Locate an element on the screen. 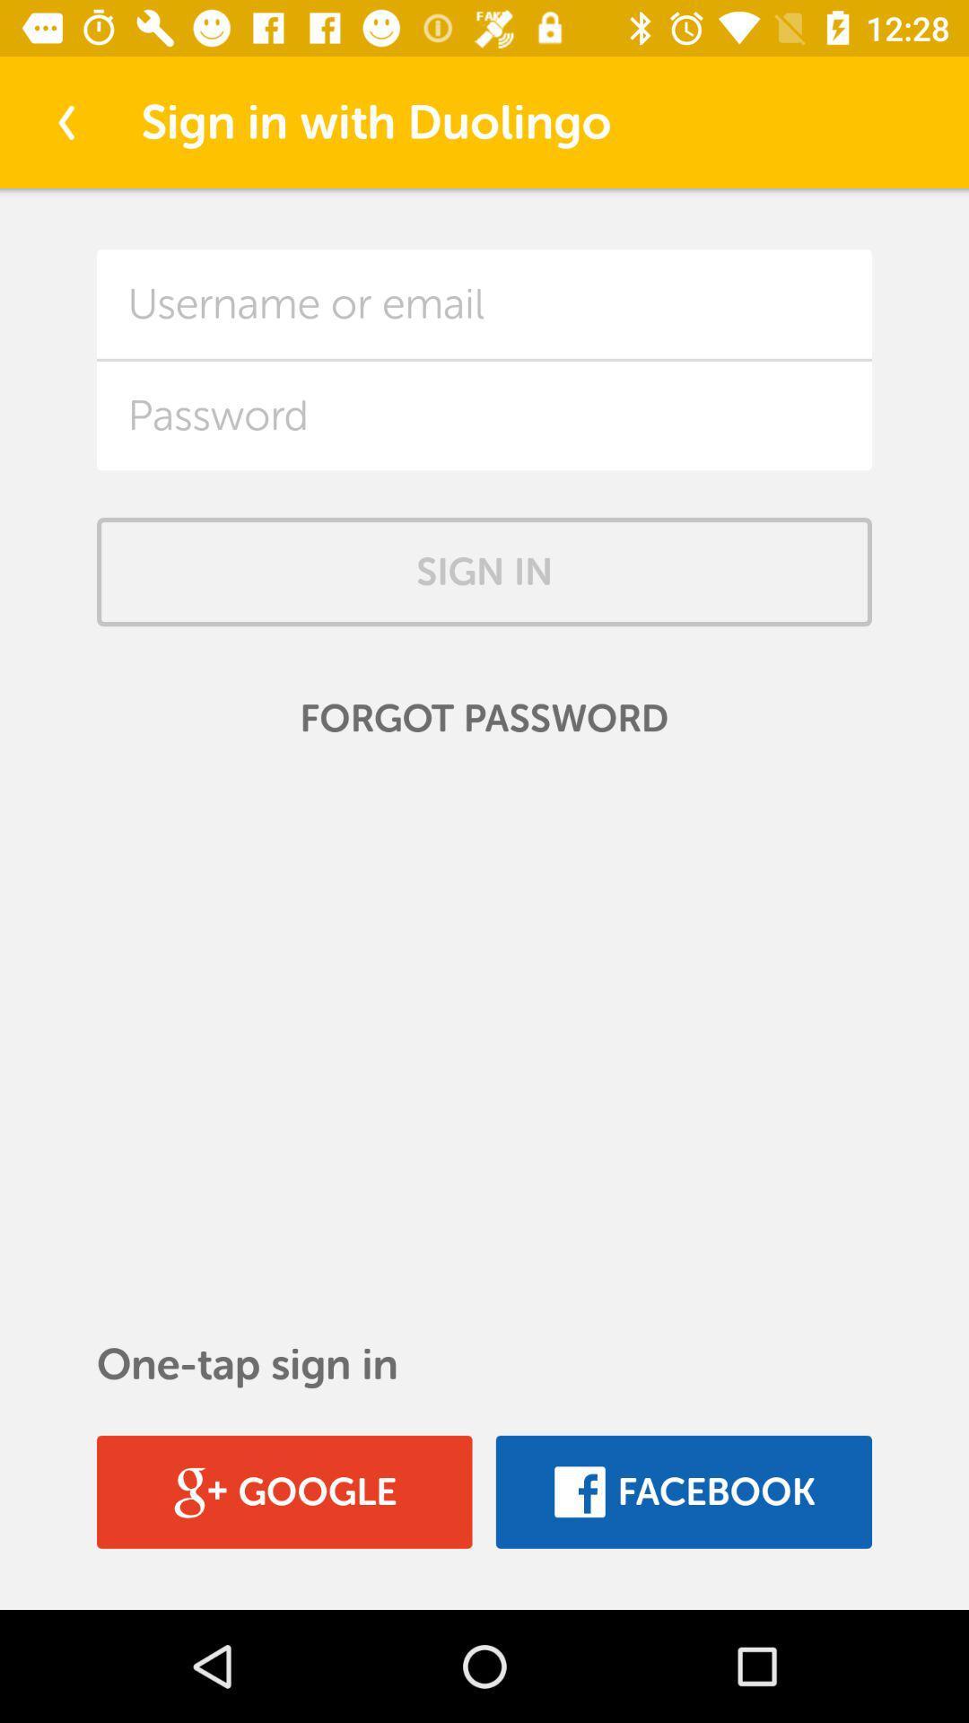 The width and height of the screenshot is (969, 1723). the app next to sign in with app is located at coordinates (65, 121).